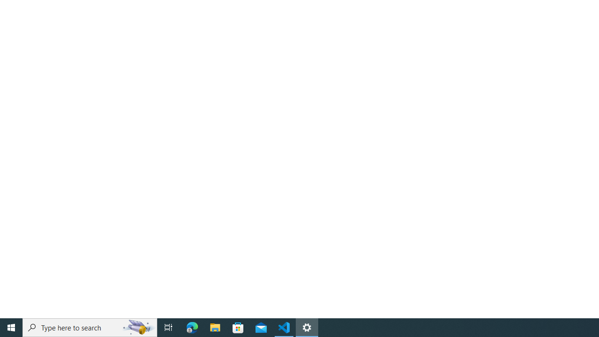 The image size is (599, 337). Describe the element at coordinates (192, 327) in the screenshot. I see `'Microsoft Edge'` at that location.